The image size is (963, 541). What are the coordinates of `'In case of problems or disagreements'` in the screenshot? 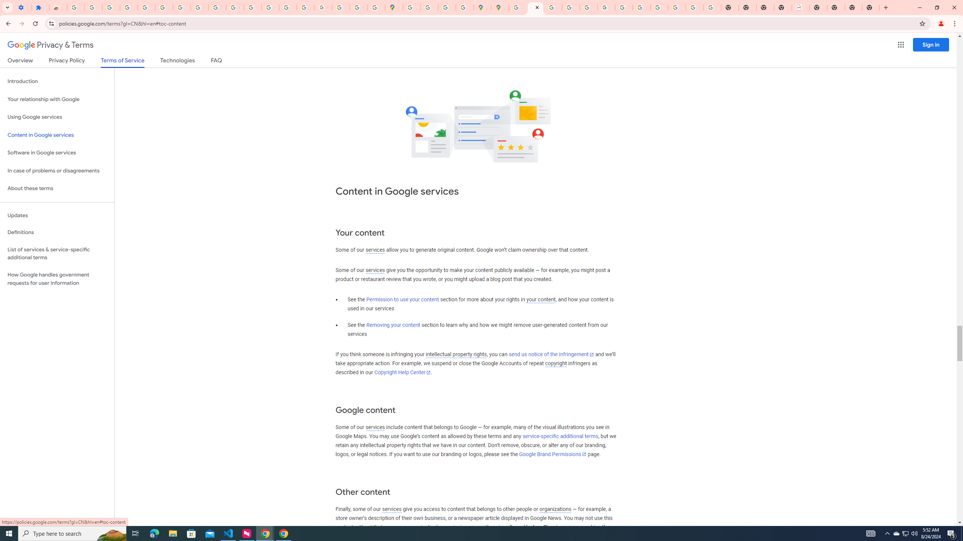 It's located at (57, 171).